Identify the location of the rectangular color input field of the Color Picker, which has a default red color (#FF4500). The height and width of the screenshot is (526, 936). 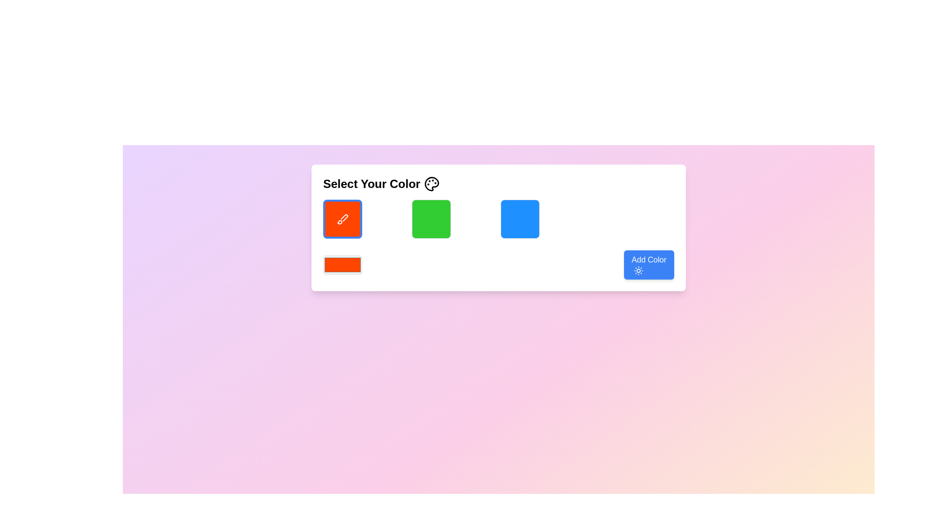
(342, 264).